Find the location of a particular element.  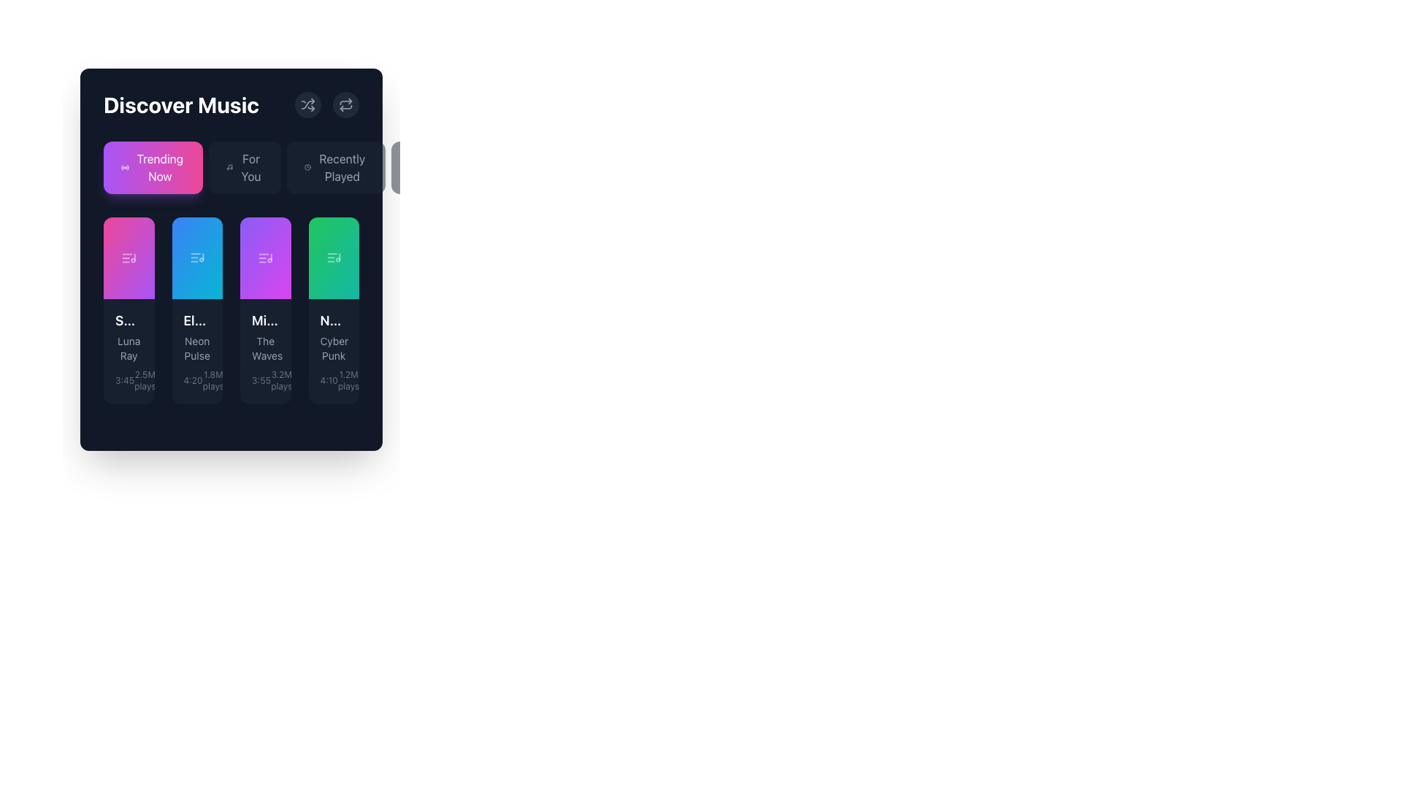

the music item card located between 'Summer Nights' and 'Midnight Drive' in the 'Discover Music' section is located at coordinates (196, 309).